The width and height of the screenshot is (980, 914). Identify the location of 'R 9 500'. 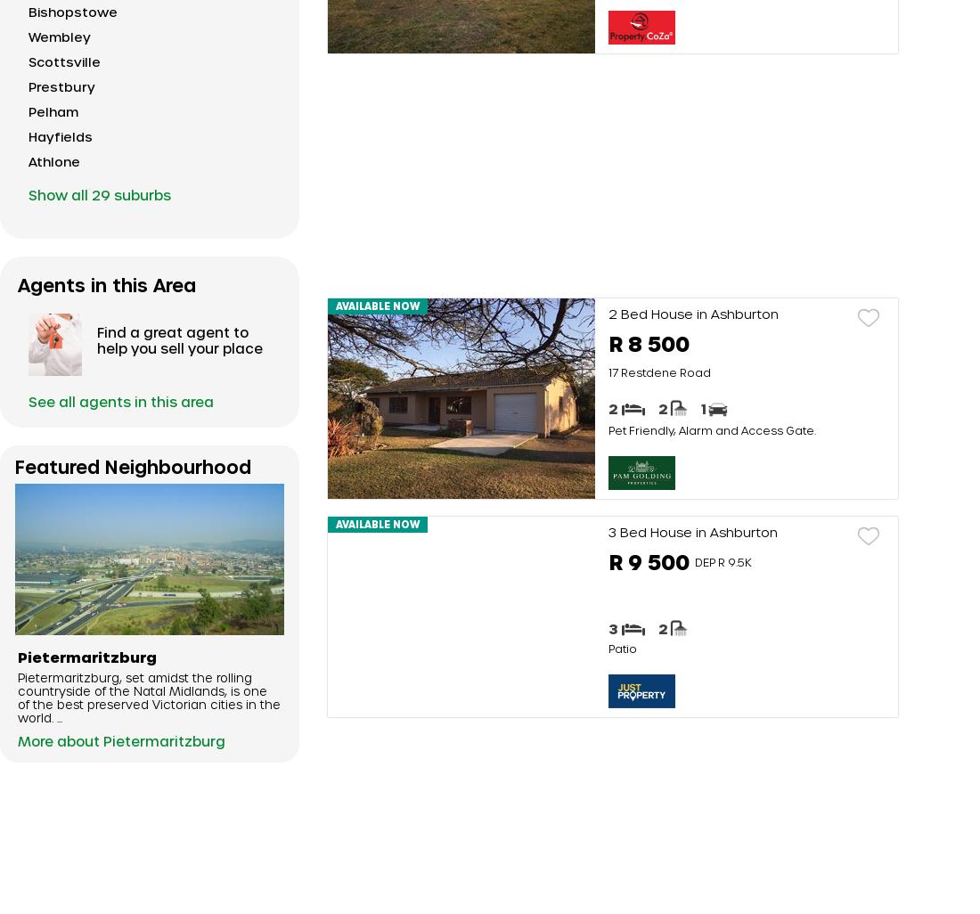
(648, 561).